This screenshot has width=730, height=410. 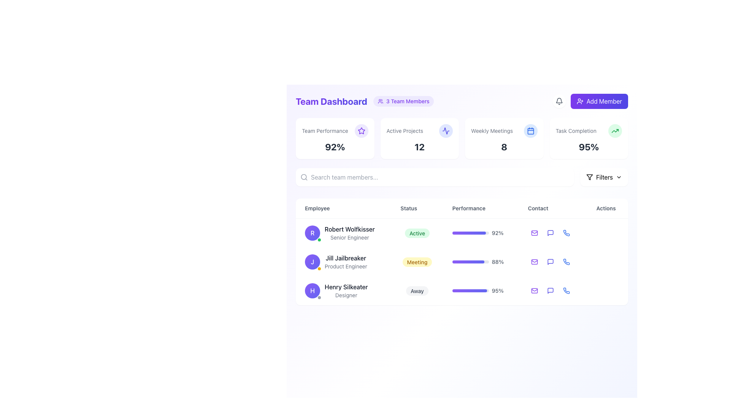 I want to click on the circular avatar icon with a gradient background and the letter 'J' in white, located, so click(x=312, y=262).